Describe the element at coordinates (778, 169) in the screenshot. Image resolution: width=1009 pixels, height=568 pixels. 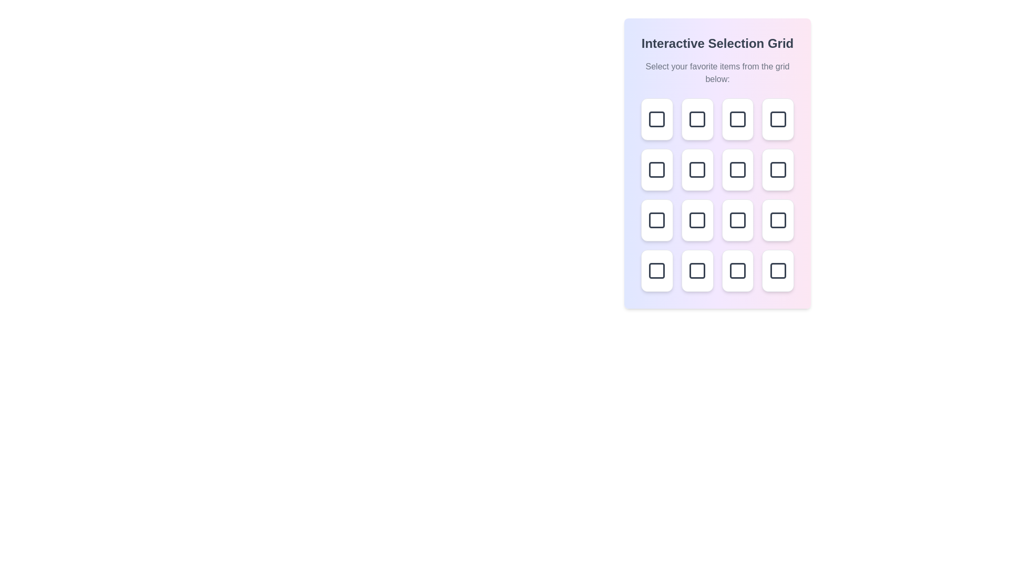
I see `the small square graphical UI component with rounded edges located in the third row and third column of a 4x4 interactive grid` at that location.